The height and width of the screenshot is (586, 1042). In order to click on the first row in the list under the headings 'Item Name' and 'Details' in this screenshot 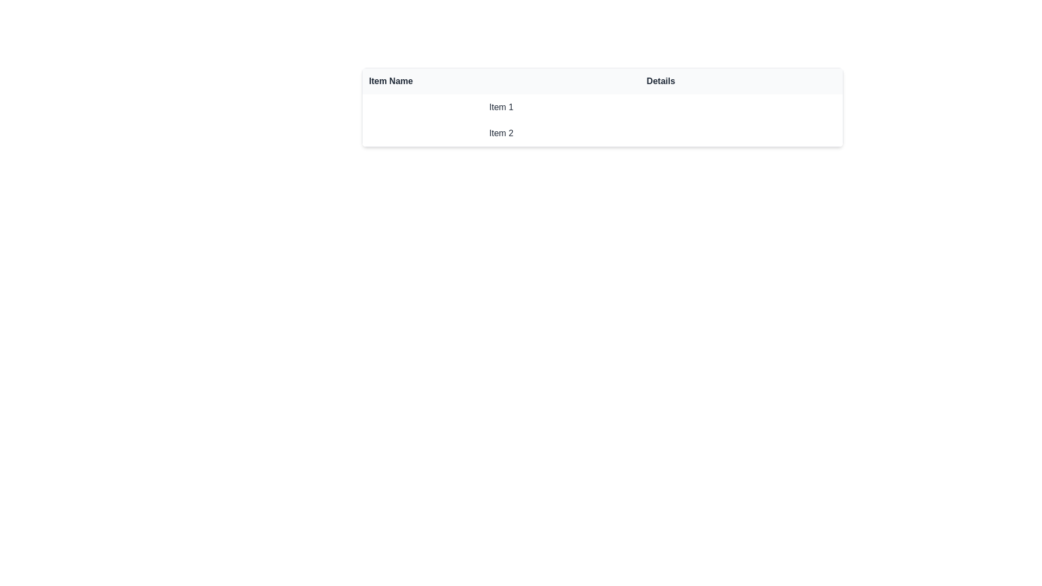, I will do `click(602, 107)`.